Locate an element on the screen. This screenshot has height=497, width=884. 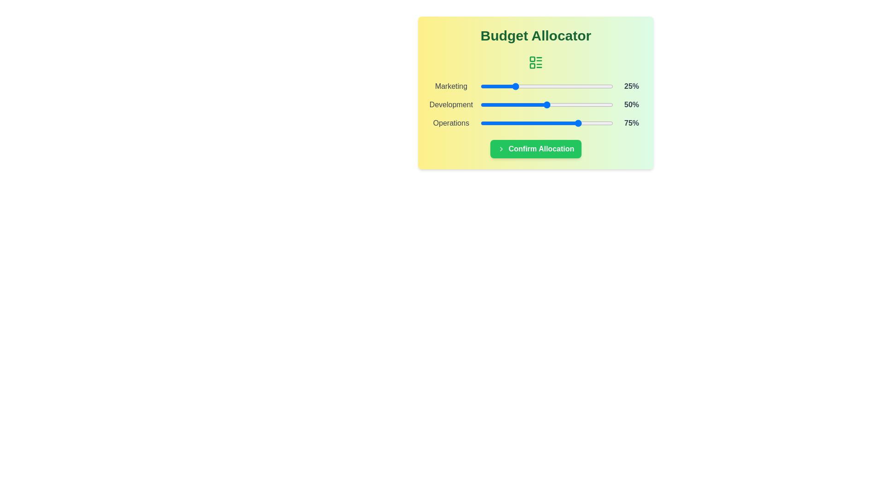
'Confirm Allocation' button is located at coordinates (535, 149).